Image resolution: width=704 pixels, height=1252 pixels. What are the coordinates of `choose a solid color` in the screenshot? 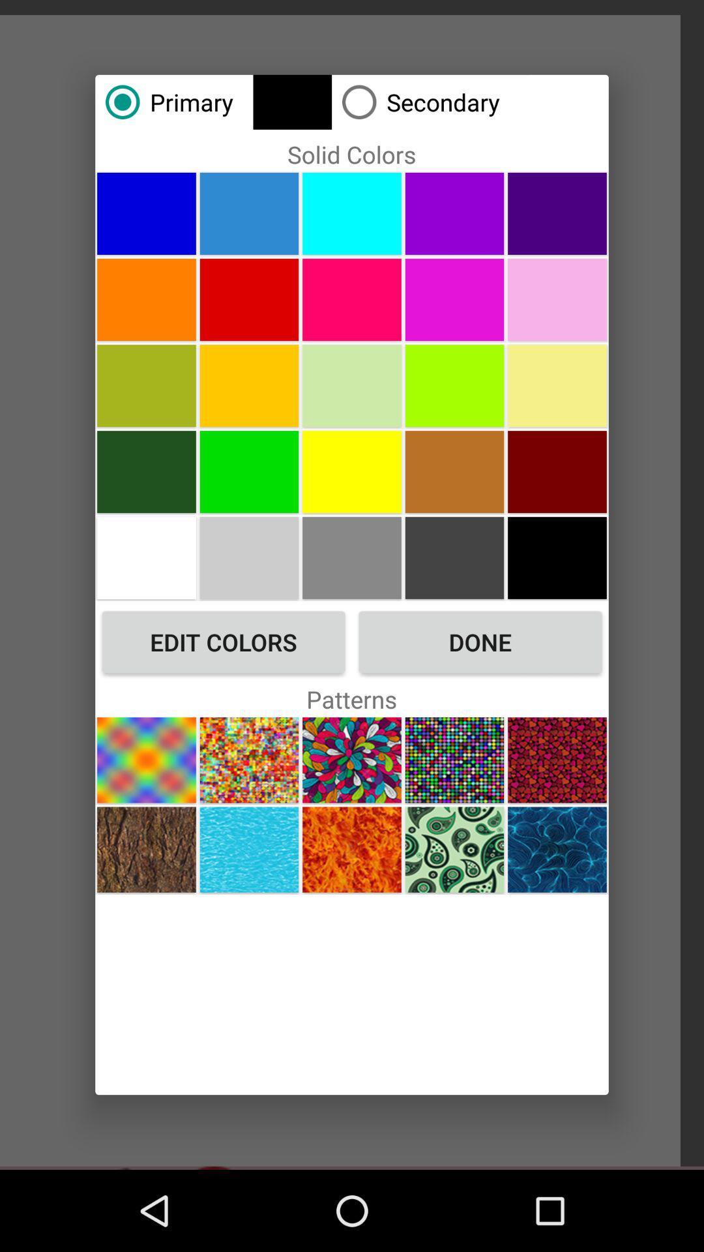 It's located at (454, 471).